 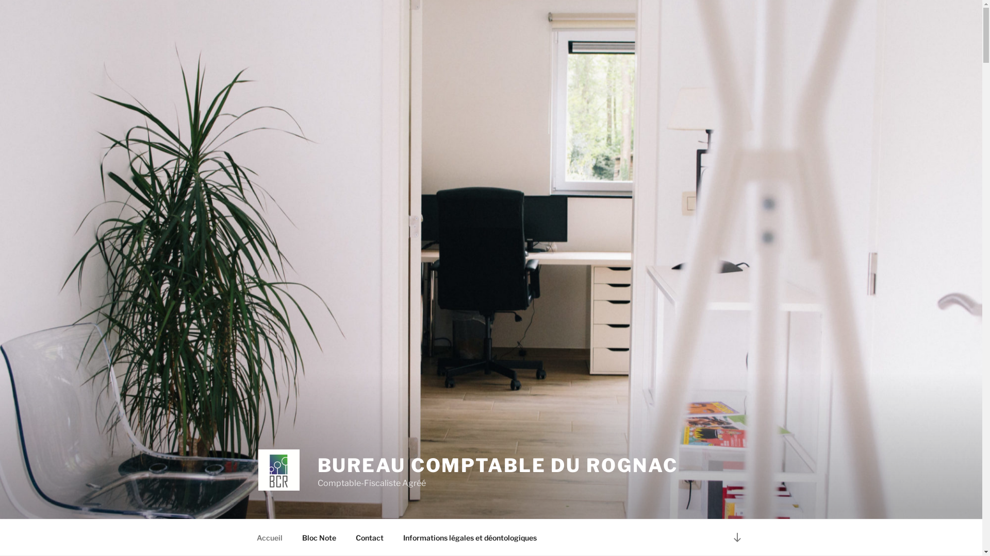 I want to click on 'Contact', so click(x=369, y=537).